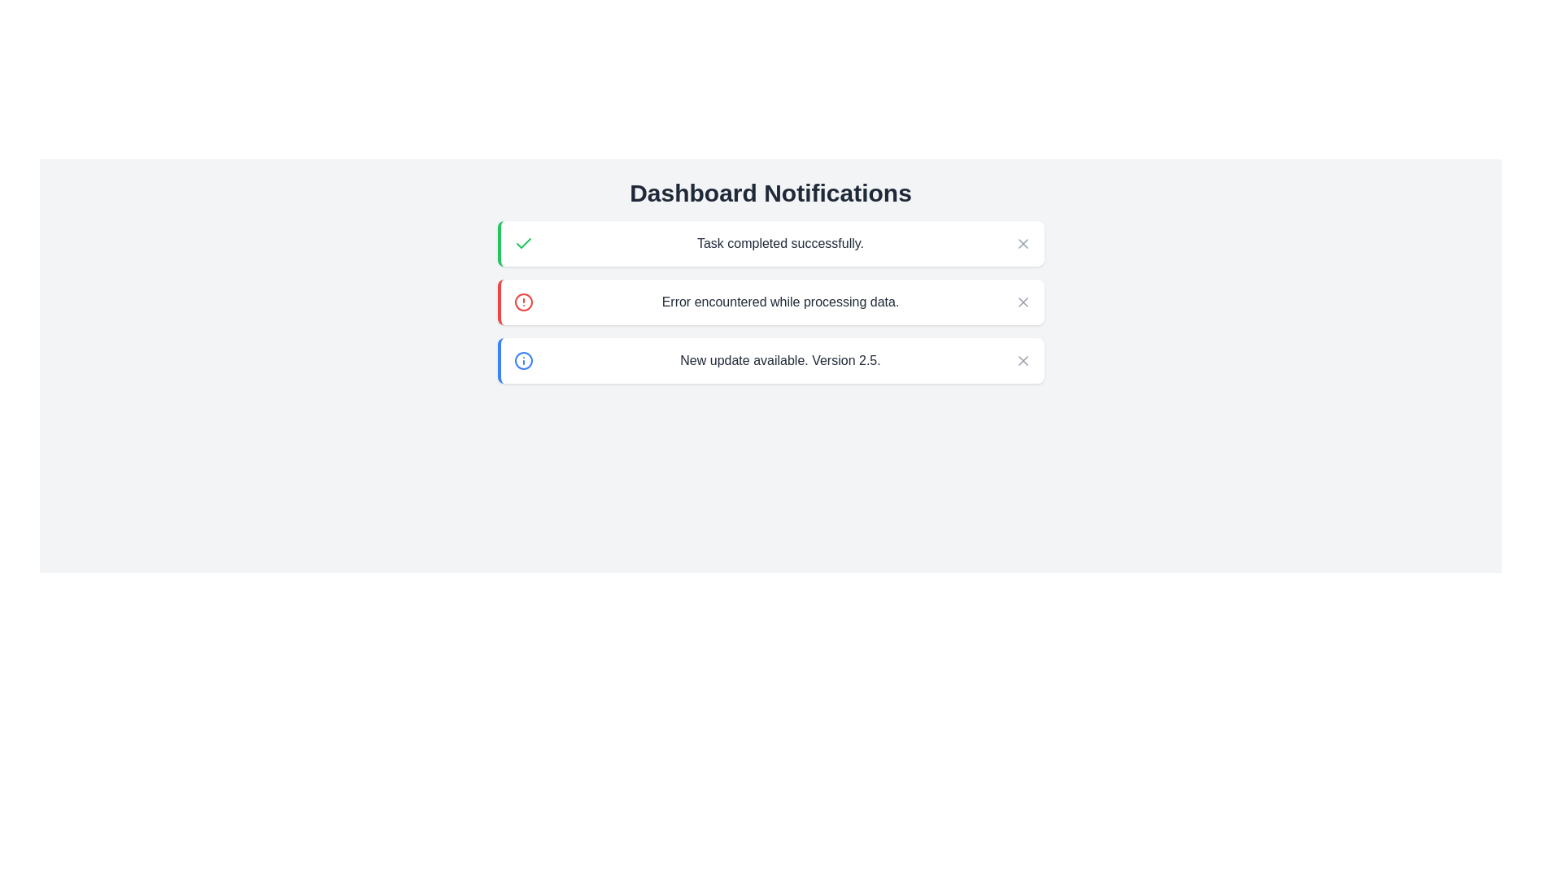 Image resolution: width=1562 pixels, height=878 pixels. What do you see at coordinates (523, 302) in the screenshot?
I see `the error icon located on the left side of the second notification box that indicates an error with the message 'Error encountered while processing data.'` at bounding box center [523, 302].